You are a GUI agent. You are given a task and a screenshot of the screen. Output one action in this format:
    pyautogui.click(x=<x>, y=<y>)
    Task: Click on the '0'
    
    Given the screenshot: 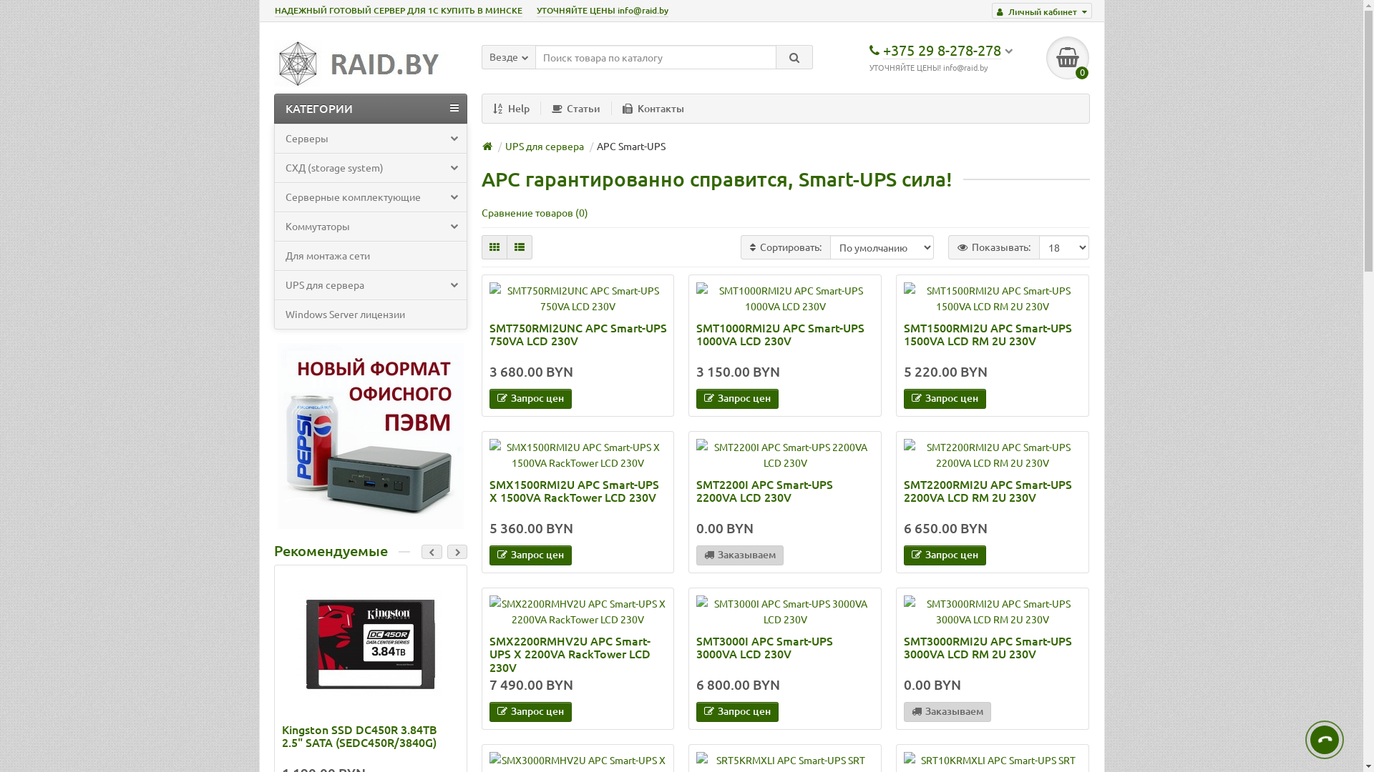 What is the action you would take?
    pyautogui.click(x=1068, y=57)
    